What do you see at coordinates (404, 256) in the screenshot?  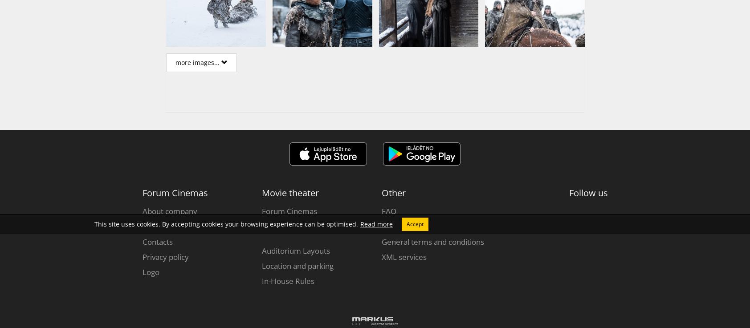 I see `'XML services'` at bounding box center [404, 256].